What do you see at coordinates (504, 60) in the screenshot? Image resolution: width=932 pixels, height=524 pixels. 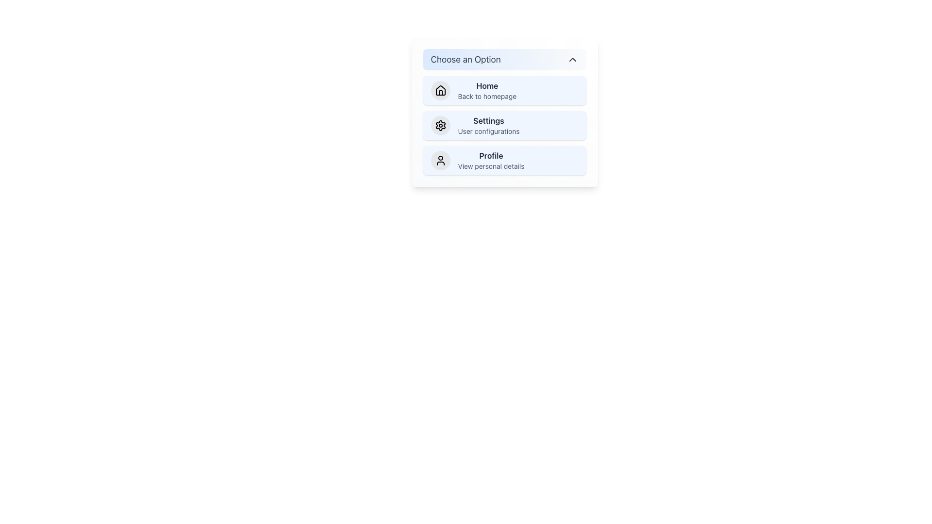 I see `the Dropdown toggle button labeled 'Choose an Option'` at bounding box center [504, 60].